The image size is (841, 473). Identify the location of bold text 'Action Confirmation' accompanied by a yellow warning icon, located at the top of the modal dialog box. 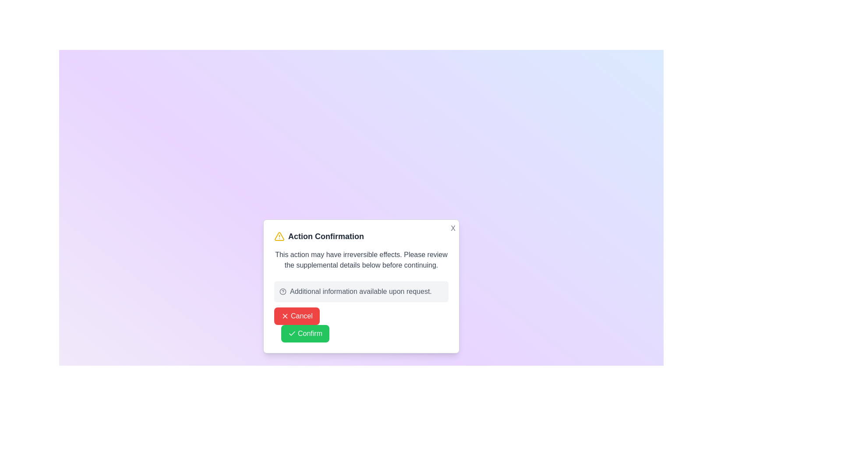
(361, 236).